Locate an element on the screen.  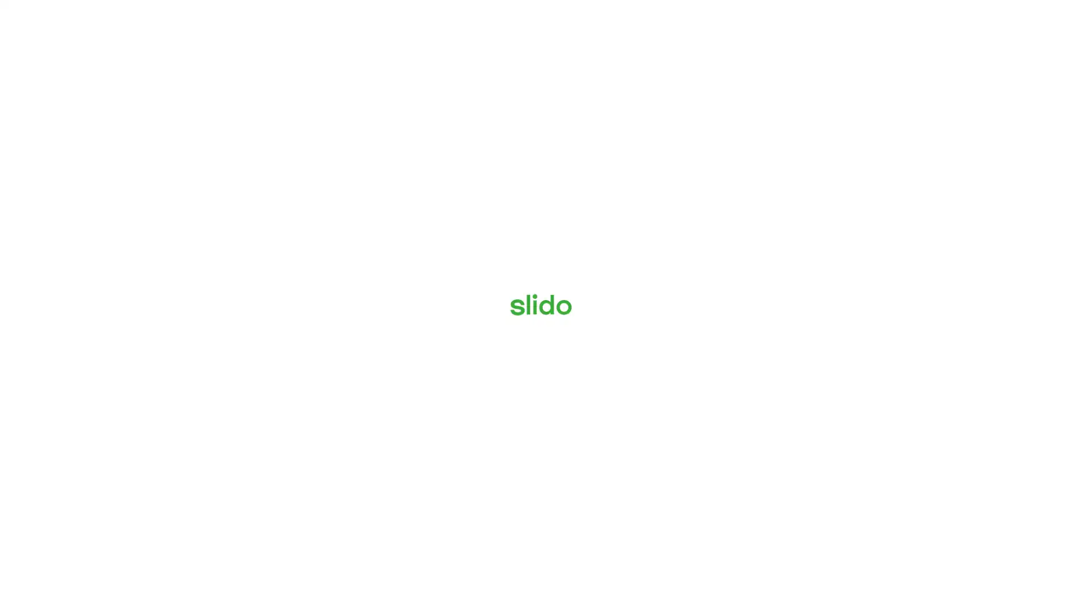
Reply is located at coordinates (839, 568).